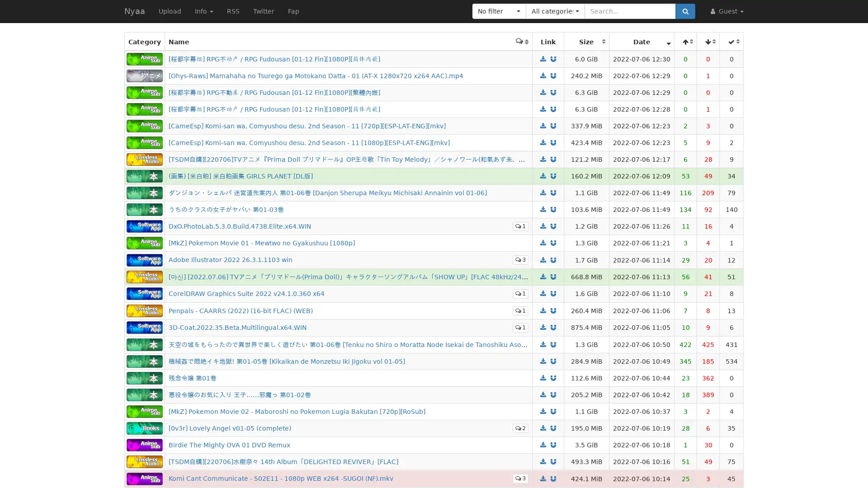  I want to click on No filter, so click(499, 11).